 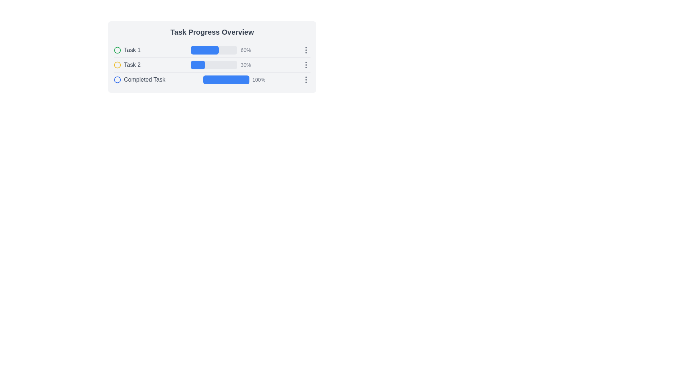 What do you see at coordinates (211, 50) in the screenshot?
I see `the progress bar that visually represents the completion percentage of 'Task 1', which is positioned directly to the right of the label 'Task 1' in the 'Task Progress Overview' section` at bounding box center [211, 50].